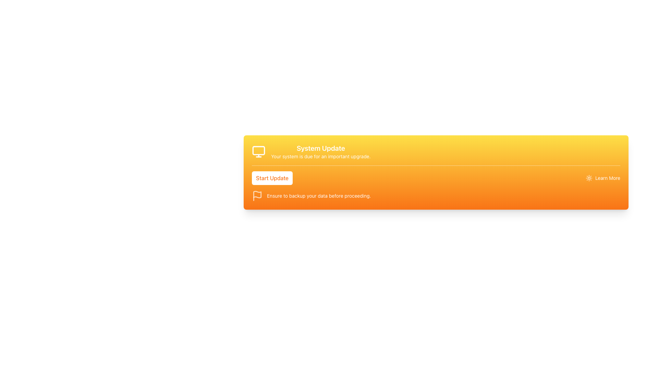 The width and height of the screenshot is (658, 370). Describe the element at coordinates (588, 178) in the screenshot. I see `the sun graphic icon, which is positioned immediately to the left of the 'Learn More' text on a yellow to orange gradient background` at that location.